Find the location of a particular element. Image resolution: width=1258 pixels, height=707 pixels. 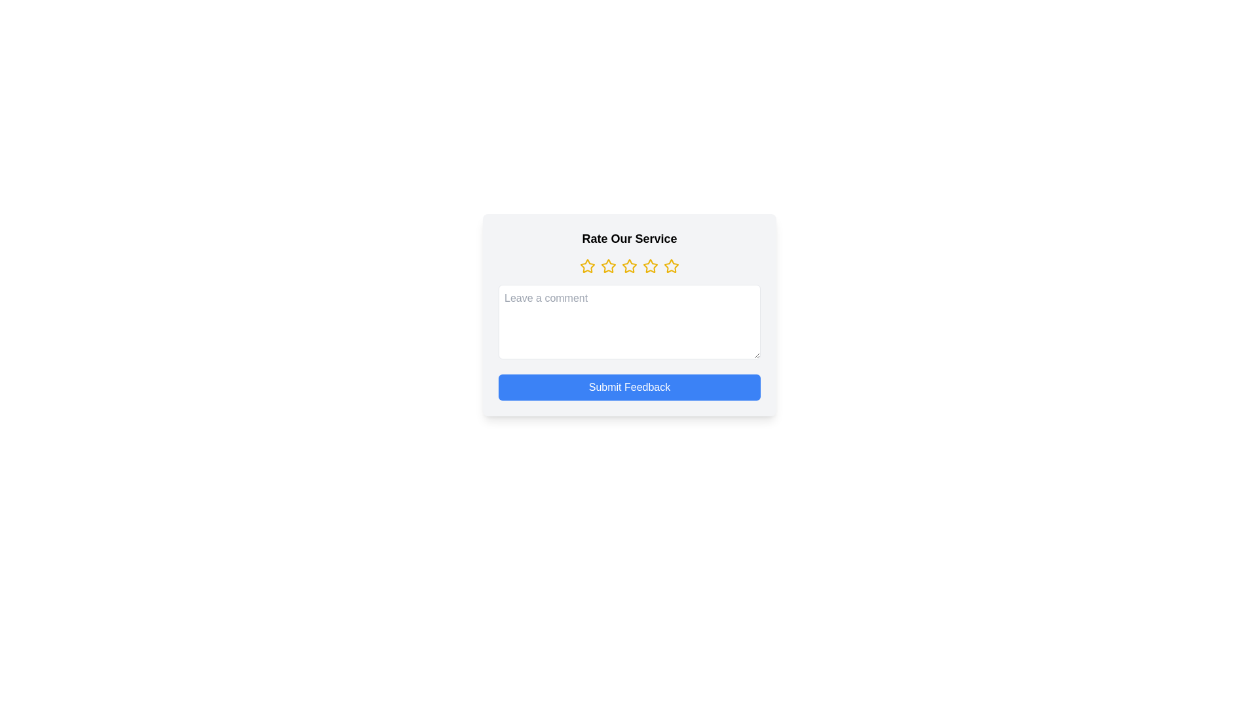

the fifth star in the sequence of five interactive rating stars at the top-center section of the feedback form is located at coordinates (672, 266).